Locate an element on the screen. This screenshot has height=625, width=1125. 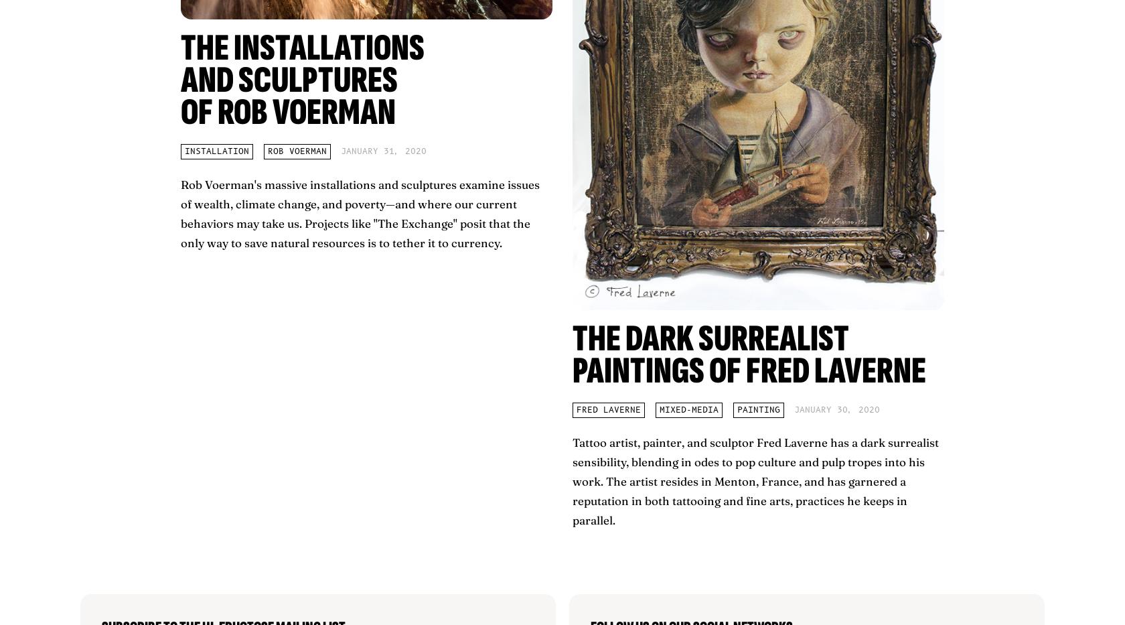
'painting' is located at coordinates (758, 409).